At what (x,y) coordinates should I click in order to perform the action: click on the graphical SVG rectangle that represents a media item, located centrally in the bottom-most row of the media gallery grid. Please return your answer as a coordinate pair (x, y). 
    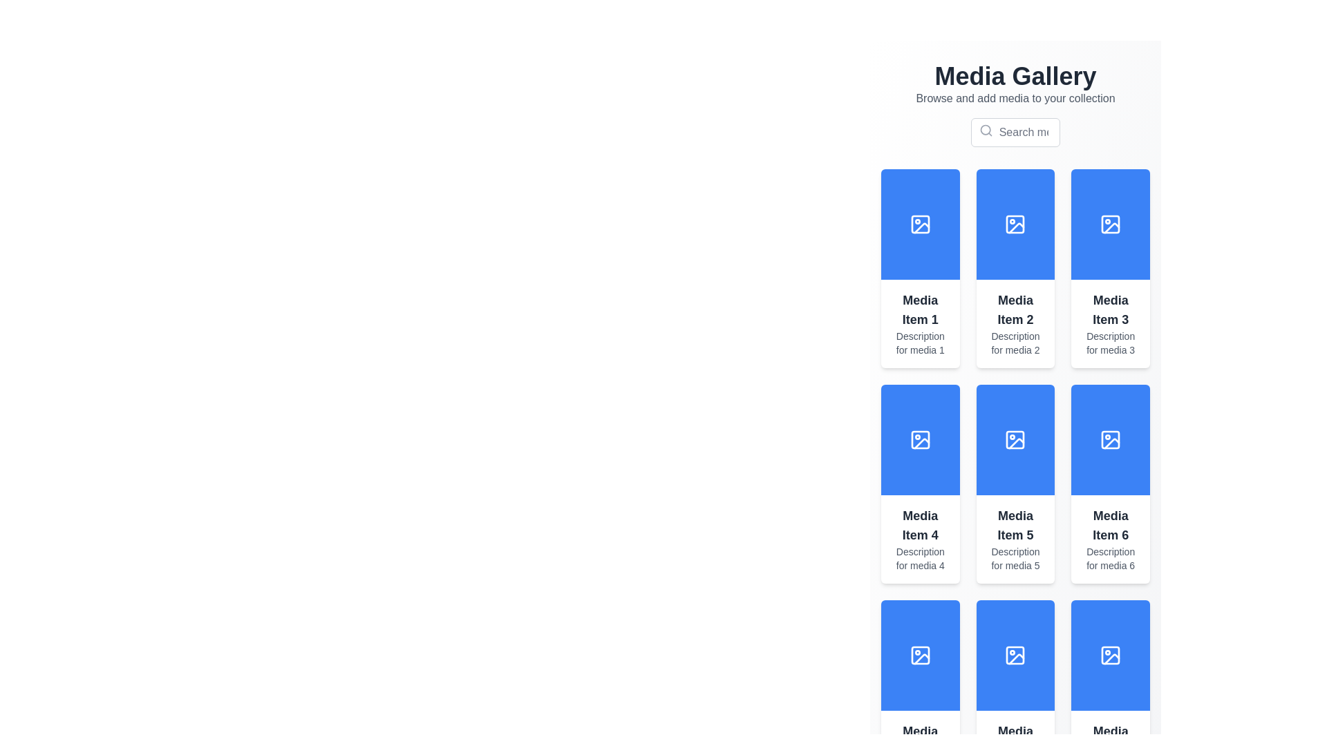
    Looking at the image, I should click on (920, 654).